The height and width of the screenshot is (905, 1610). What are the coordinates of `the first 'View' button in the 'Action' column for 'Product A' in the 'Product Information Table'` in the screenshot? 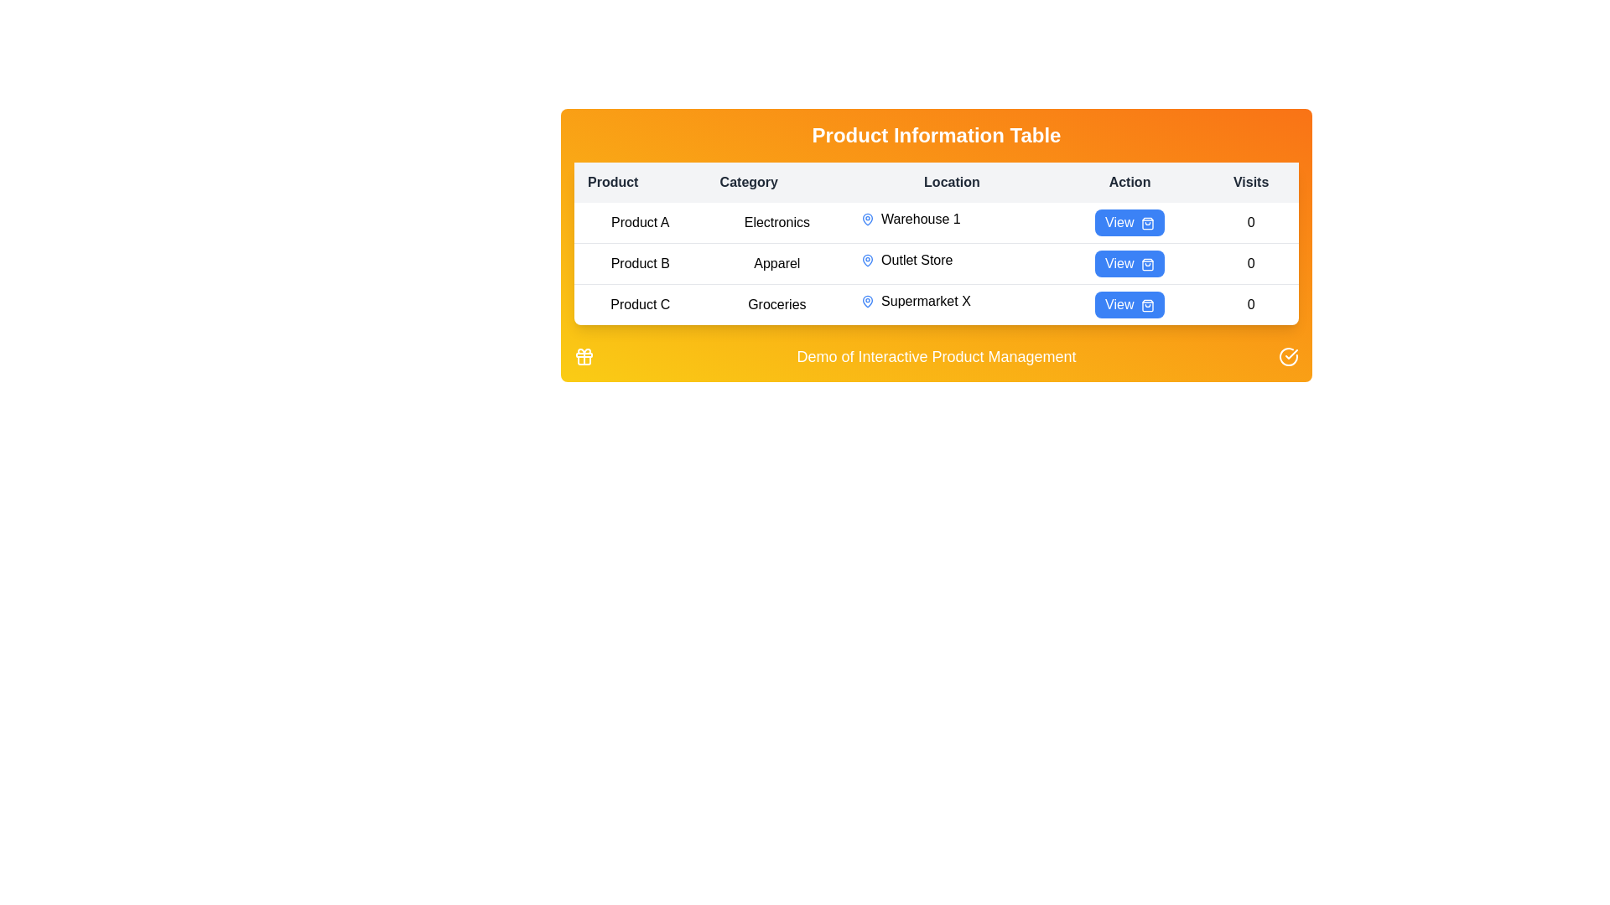 It's located at (1130, 222).